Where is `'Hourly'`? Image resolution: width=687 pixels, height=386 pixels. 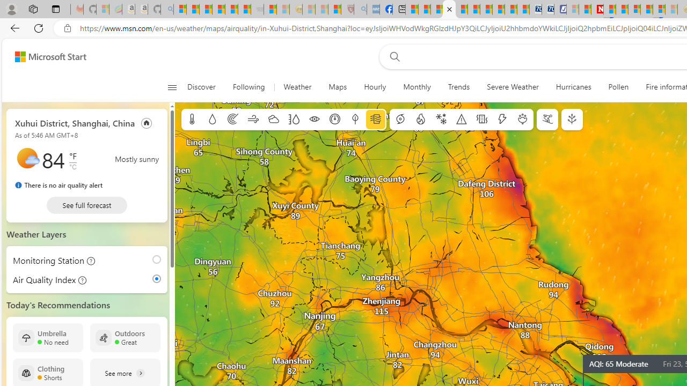
'Hourly' is located at coordinates (375, 87).